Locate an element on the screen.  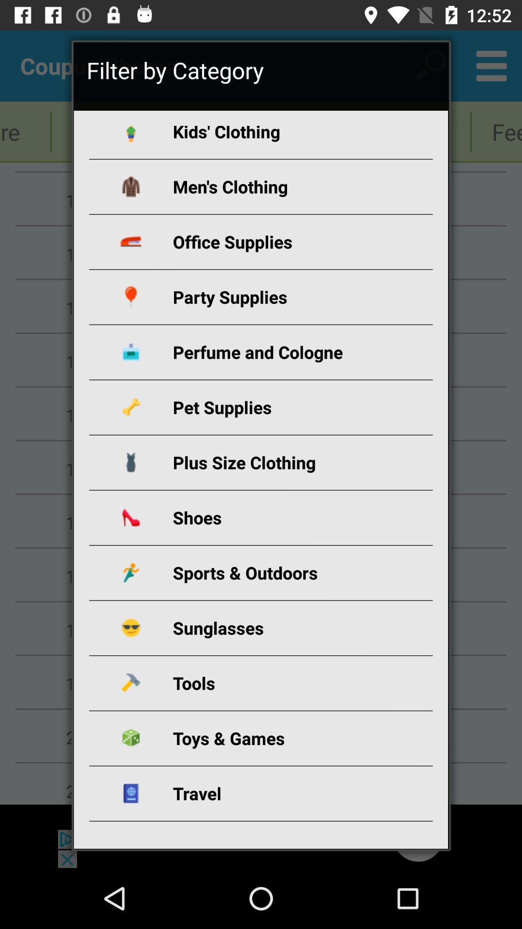
the plus size clothing app is located at coordinates (272, 462).